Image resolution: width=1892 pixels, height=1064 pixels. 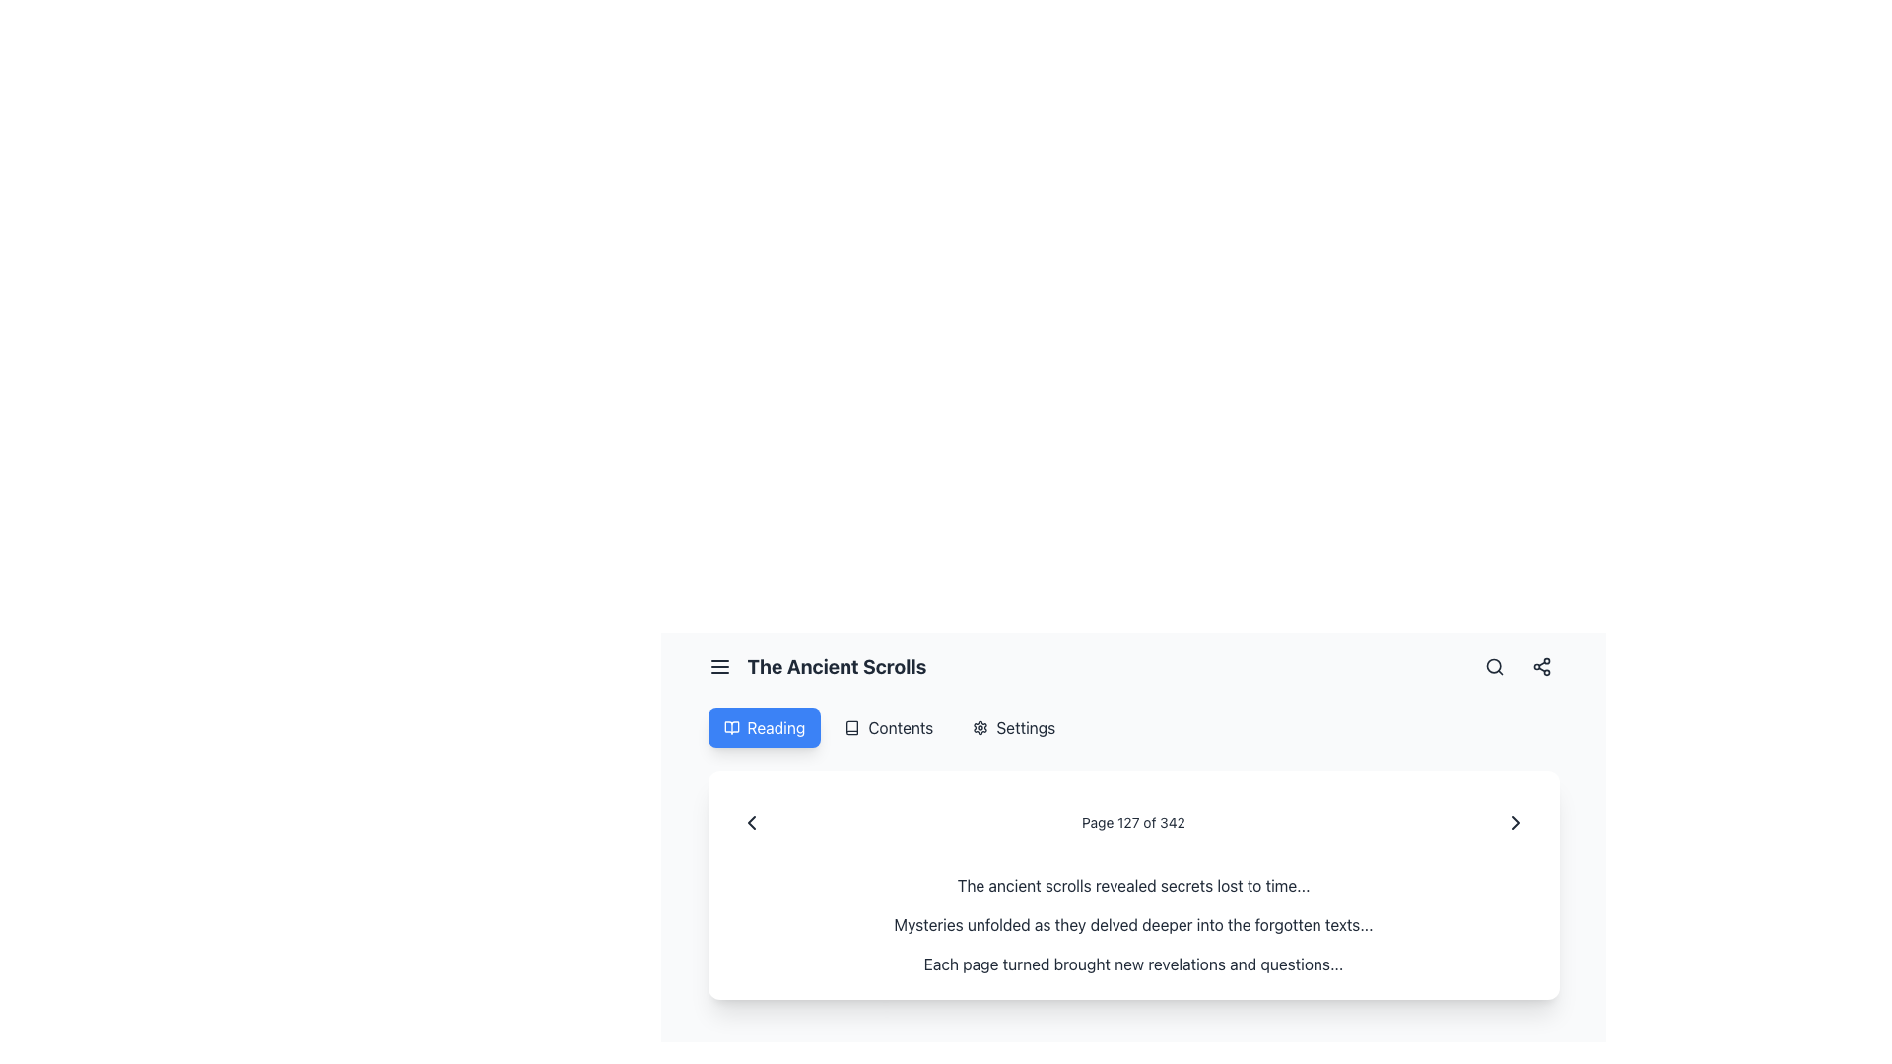 I want to click on the label element that denotes the 'Settings' section in the interface, located below the title 'The Ancient Scrolls', so click(x=1014, y=728).